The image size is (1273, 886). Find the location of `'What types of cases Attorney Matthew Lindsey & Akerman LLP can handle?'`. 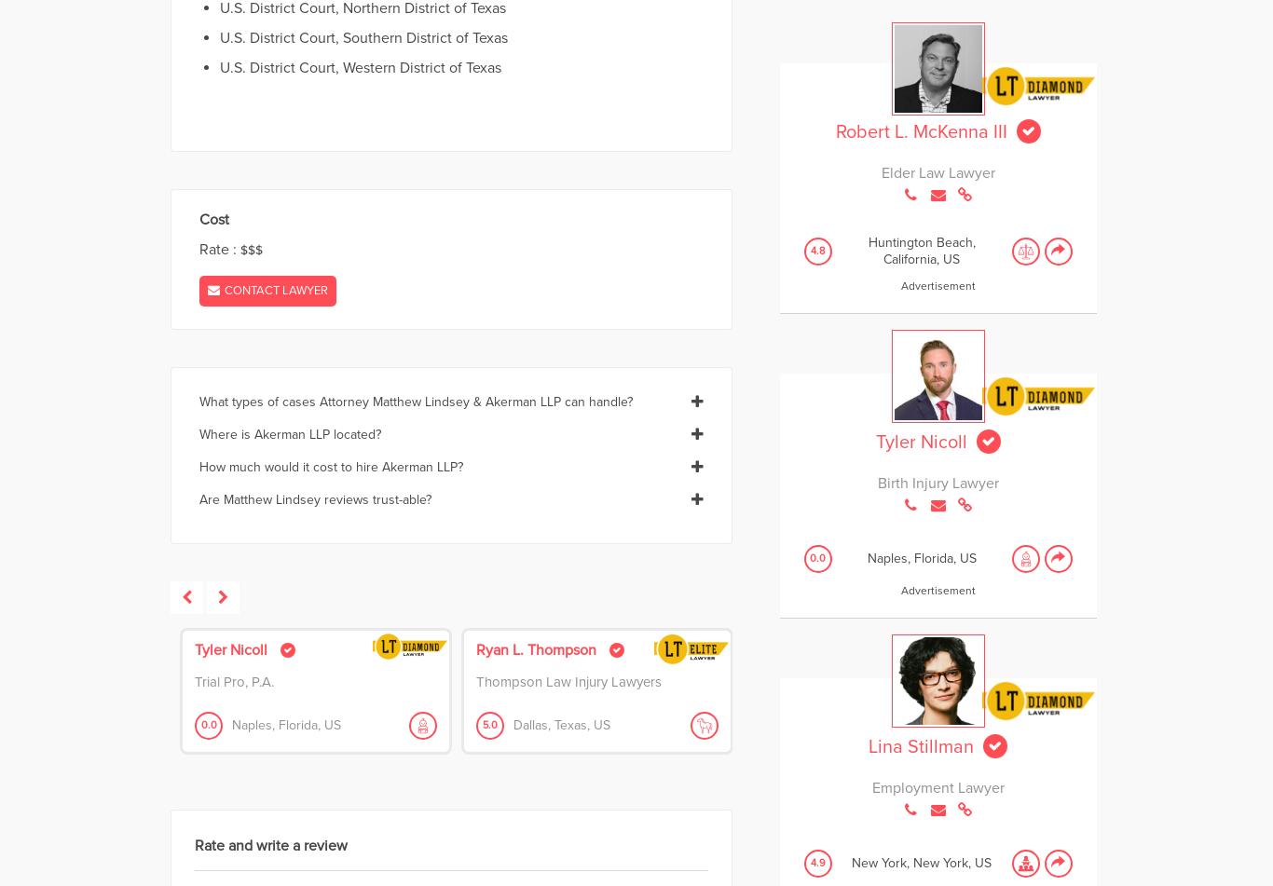

'What types of cases Attorney Matthew Lindsey & Akerman LLP can handle?' is located at coordinates (415, 402).